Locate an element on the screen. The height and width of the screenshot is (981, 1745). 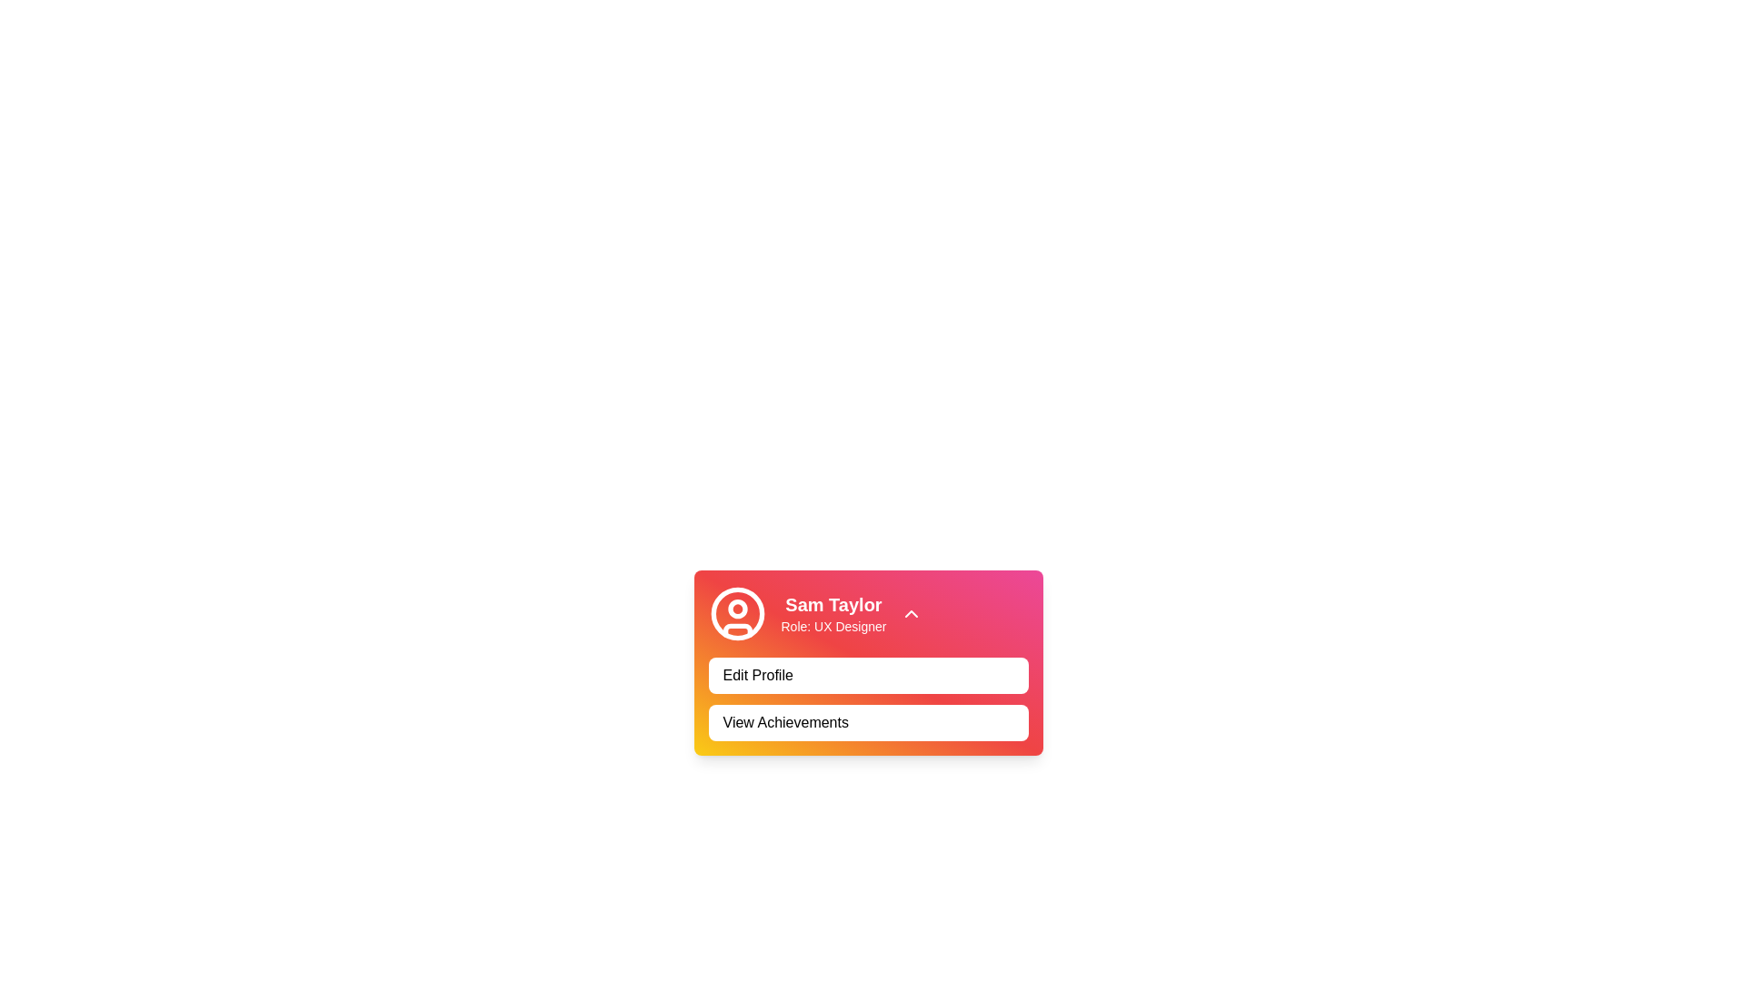
the visual decoration located at the bottom area of the circular user profile icon within the profile card is located at coordinates (737, 629).